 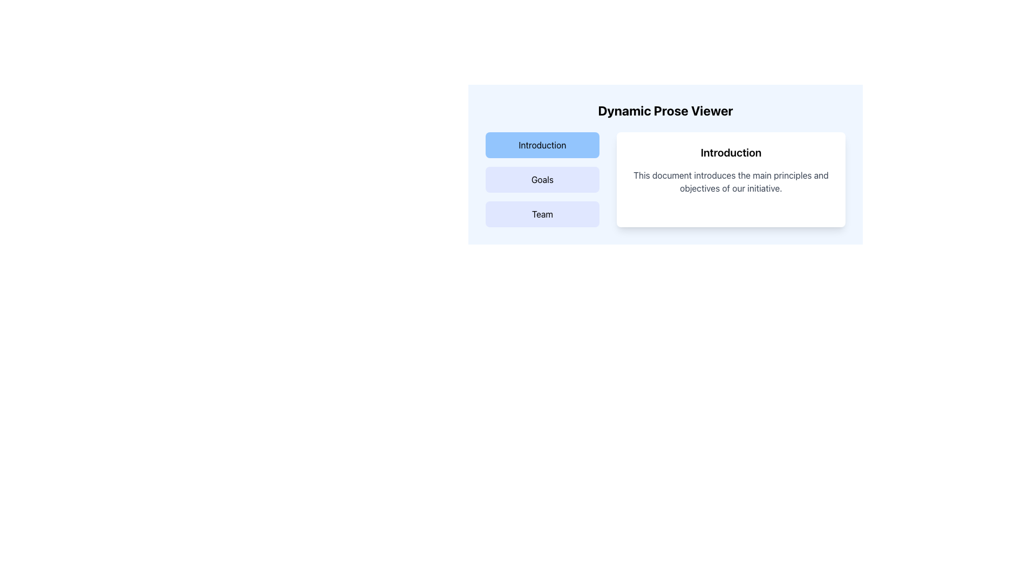 I want to click on the 'Goals' button, which is a rectangular button with a light indigo background and rounded corners, located below the 'Introduction' button in a vertical stack, so click(x=542, y=179).